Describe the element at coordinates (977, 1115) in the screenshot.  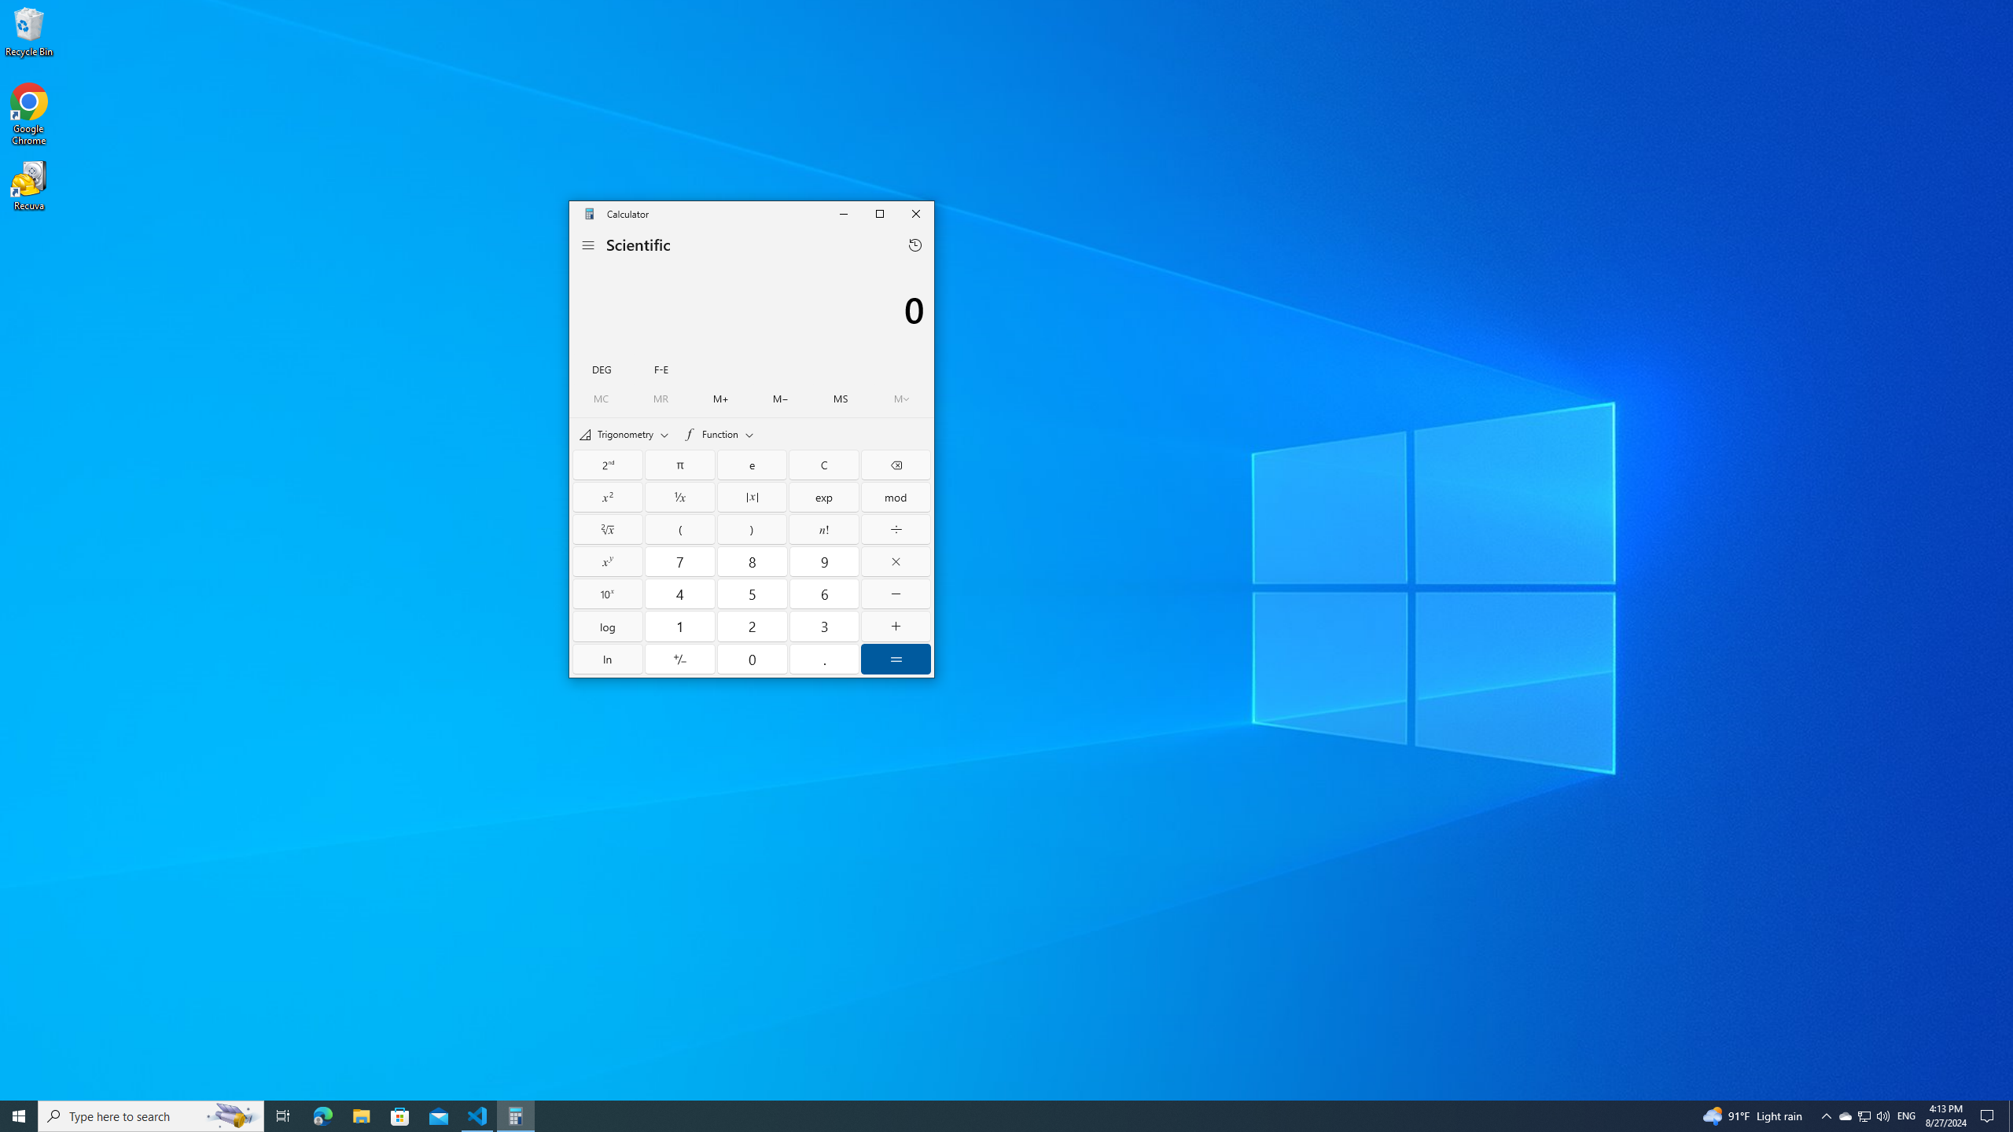
I see `'Running applications'` at that location.